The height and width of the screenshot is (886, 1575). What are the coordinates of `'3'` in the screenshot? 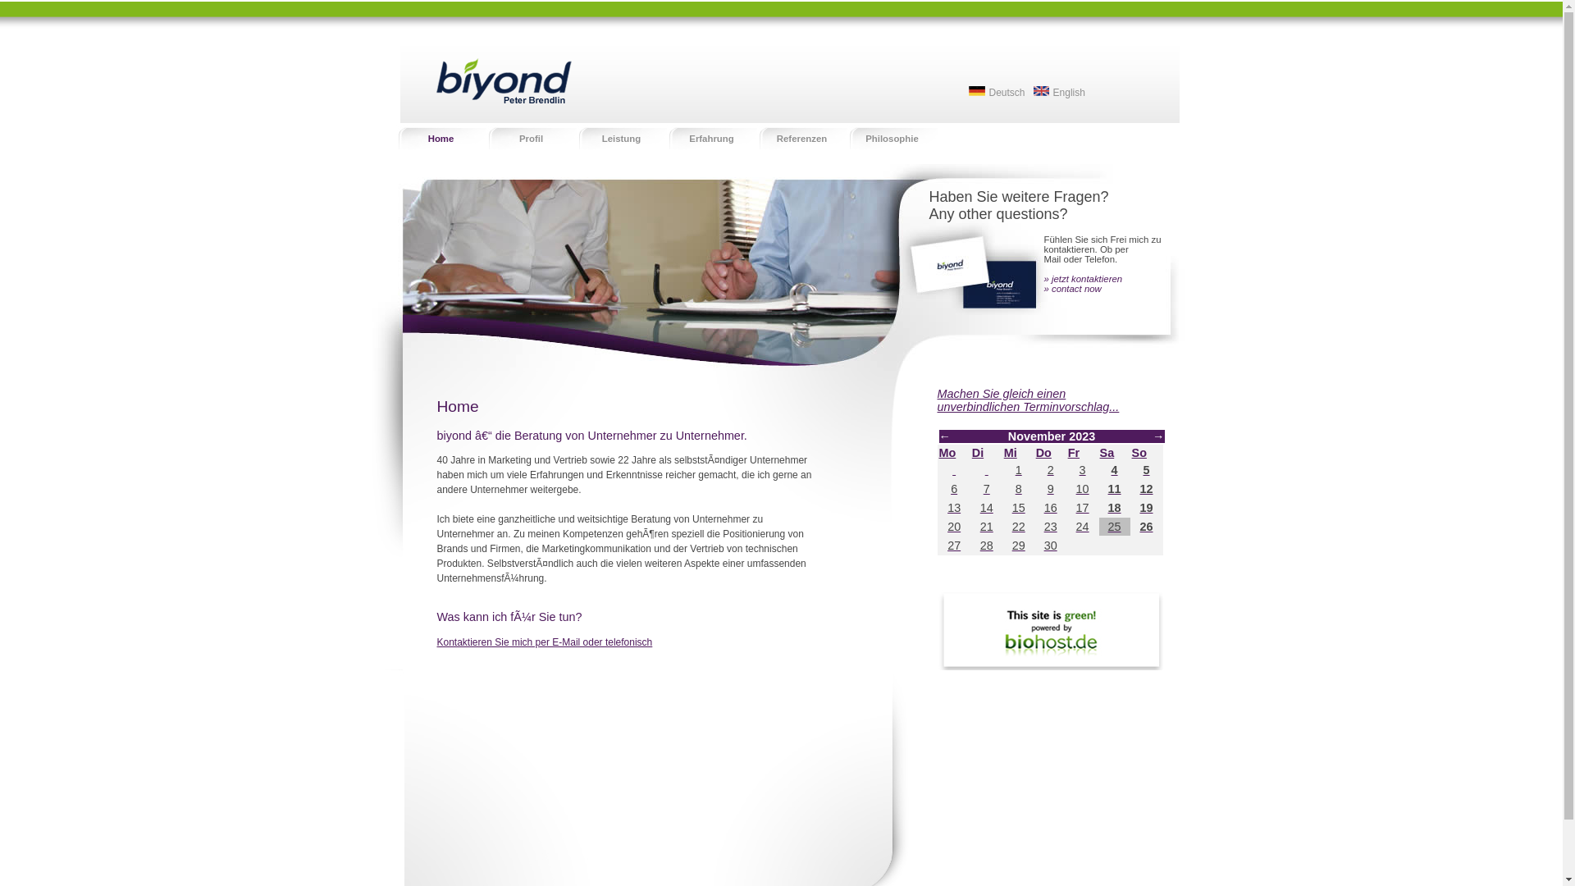 It's located at (1079, 470).